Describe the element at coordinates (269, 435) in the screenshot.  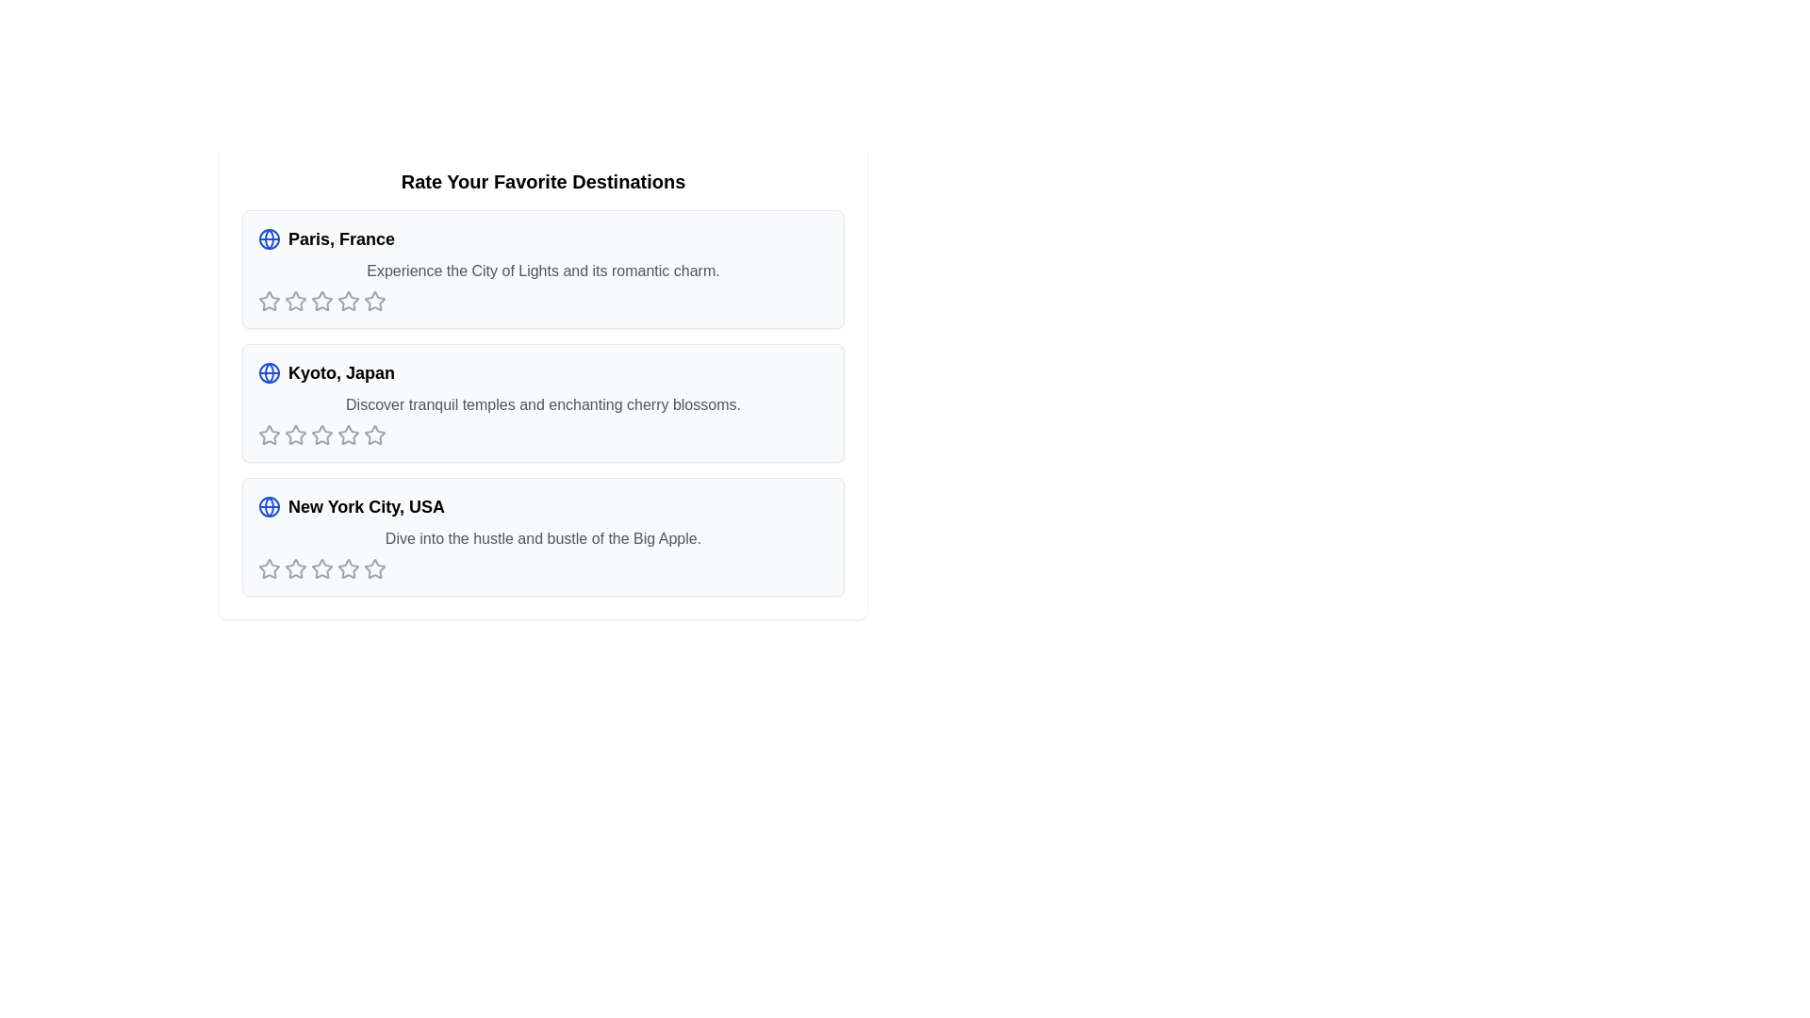
I see `the leftmost star icon in the rating section for 'Kyoto, Japan'` at that location.